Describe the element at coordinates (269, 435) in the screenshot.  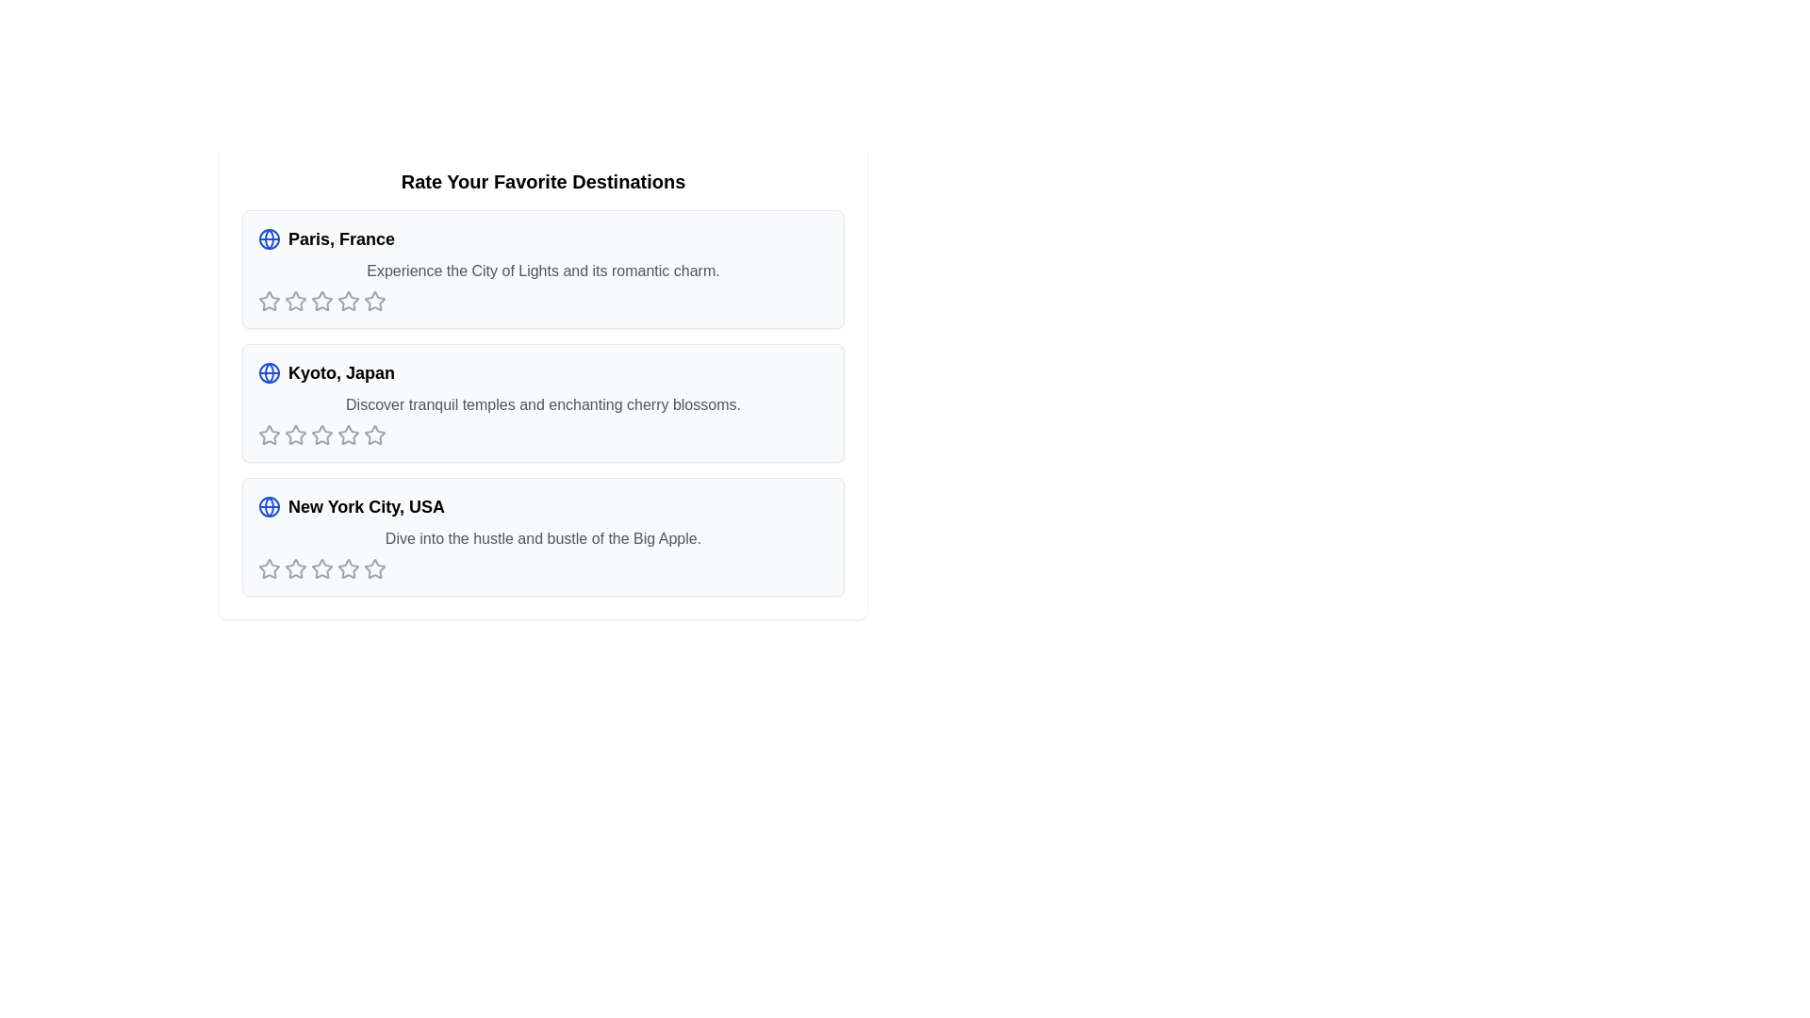
I see `the leftmost star icon in the rating section for 'Kyoto, Japan'` at that location.